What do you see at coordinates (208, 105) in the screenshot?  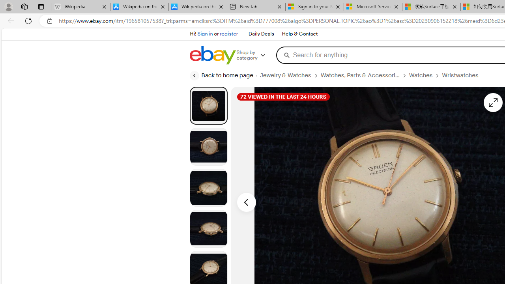 I see `'Picture 1 of 8'` at bounding box center [208, 105].